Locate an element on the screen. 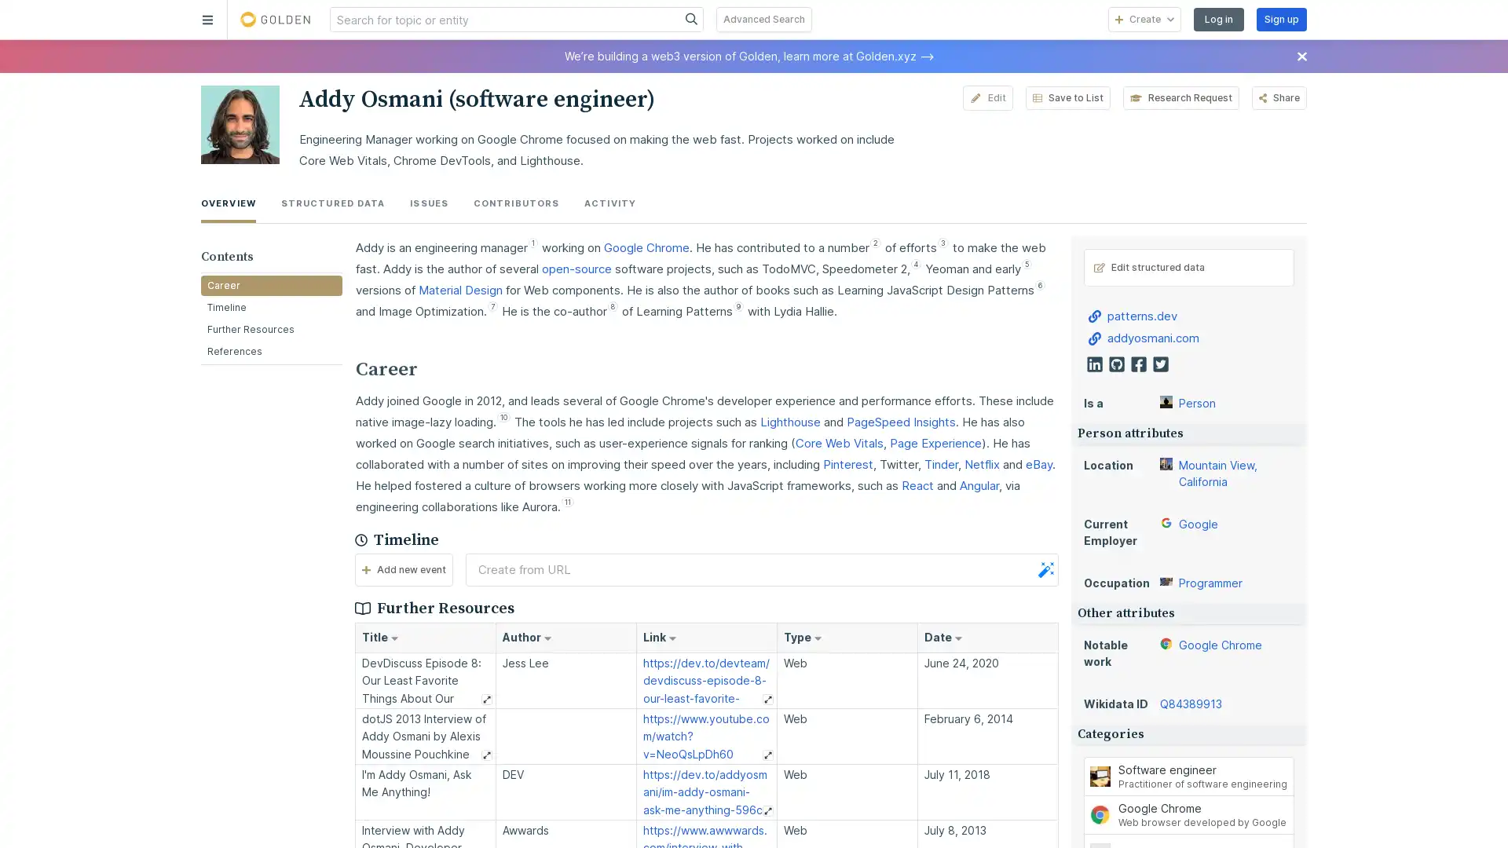 This screenshot has width=1508, height=848. Add new event is located at coordinates (403, 569).